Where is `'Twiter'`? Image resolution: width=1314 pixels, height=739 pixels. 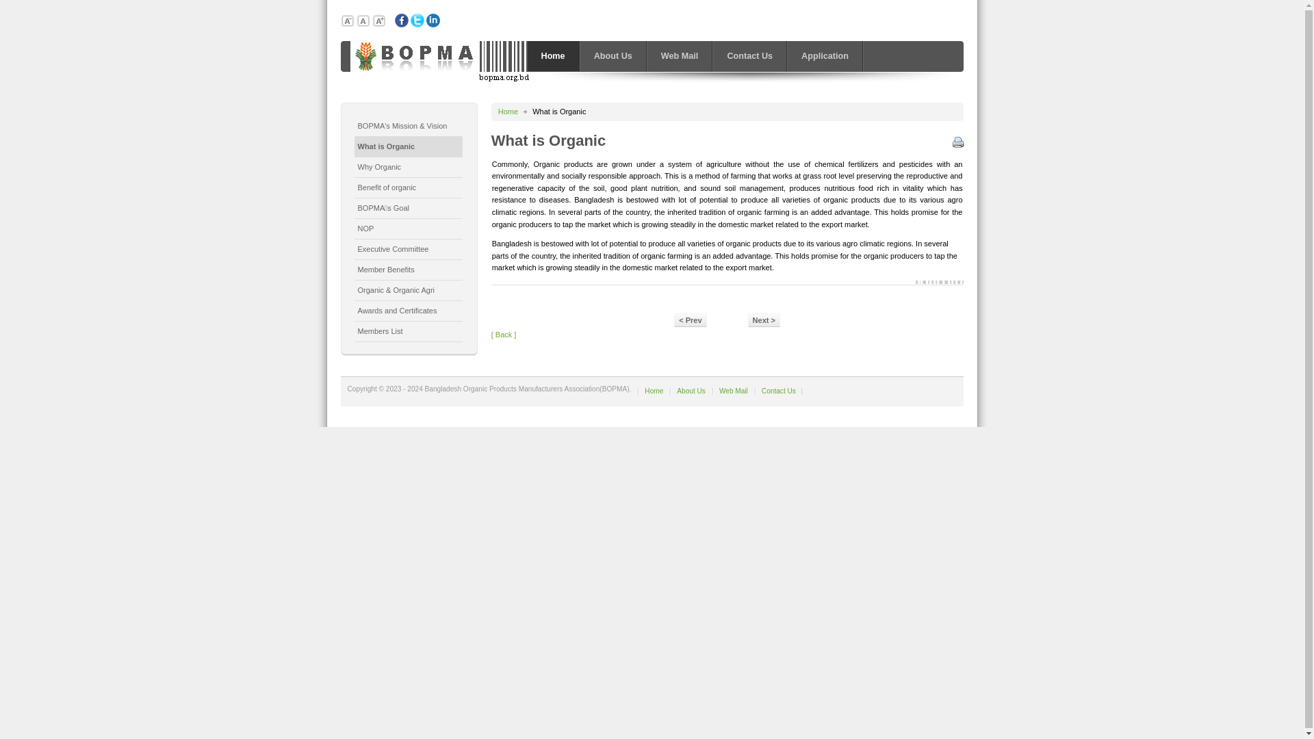 'Twiter' is located at coordinates (416, 21).